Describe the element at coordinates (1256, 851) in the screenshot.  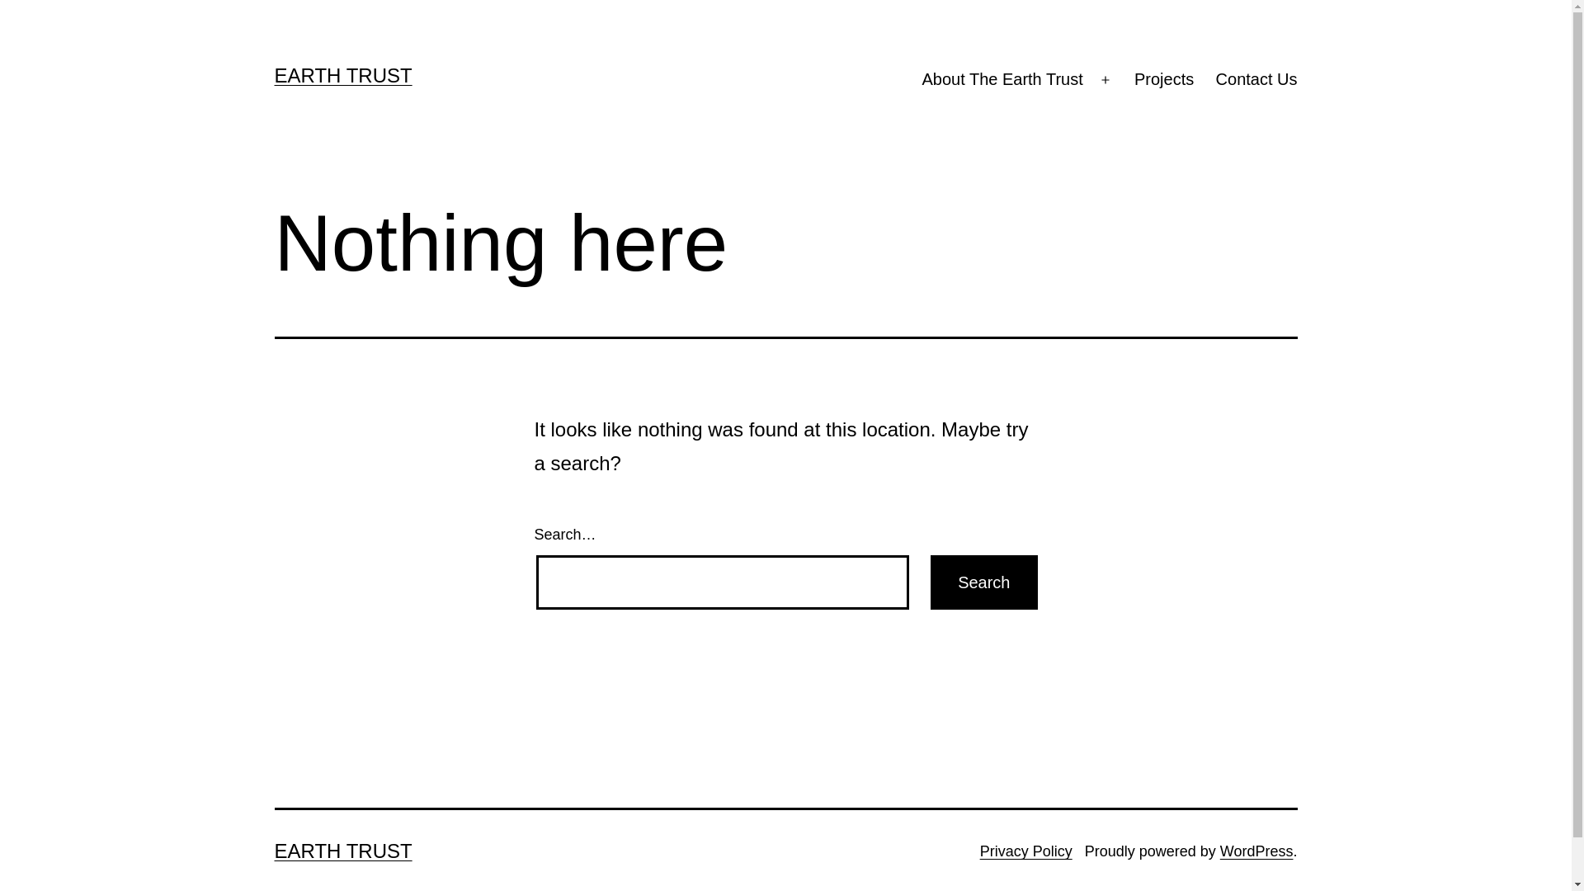
I see `'WordPress'` at that location.